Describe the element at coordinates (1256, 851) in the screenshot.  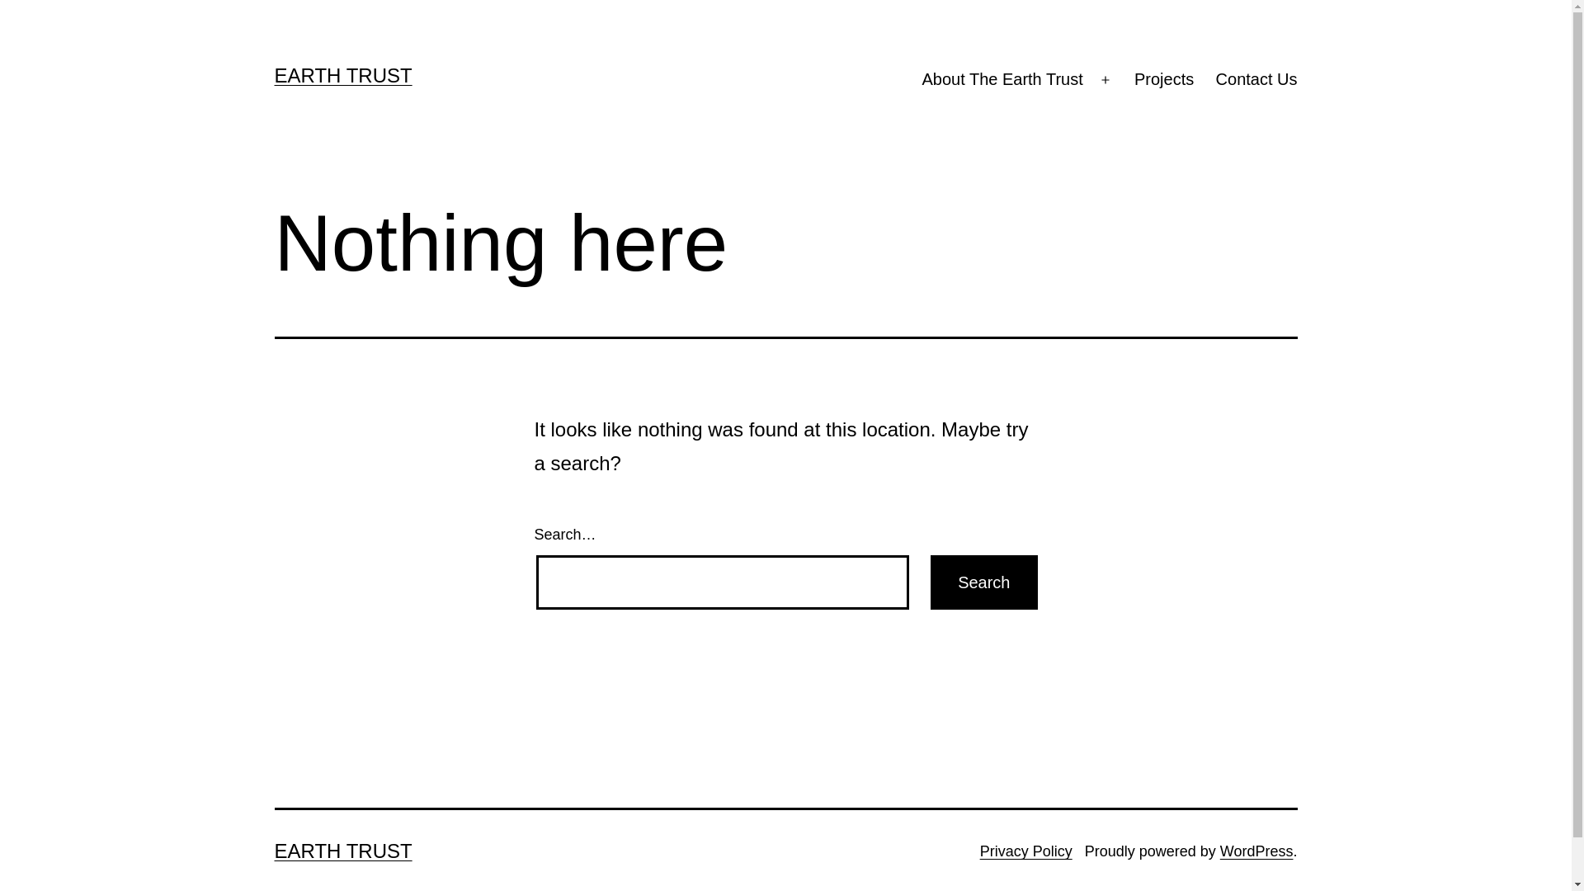
I see `'WordPress'` at that location.